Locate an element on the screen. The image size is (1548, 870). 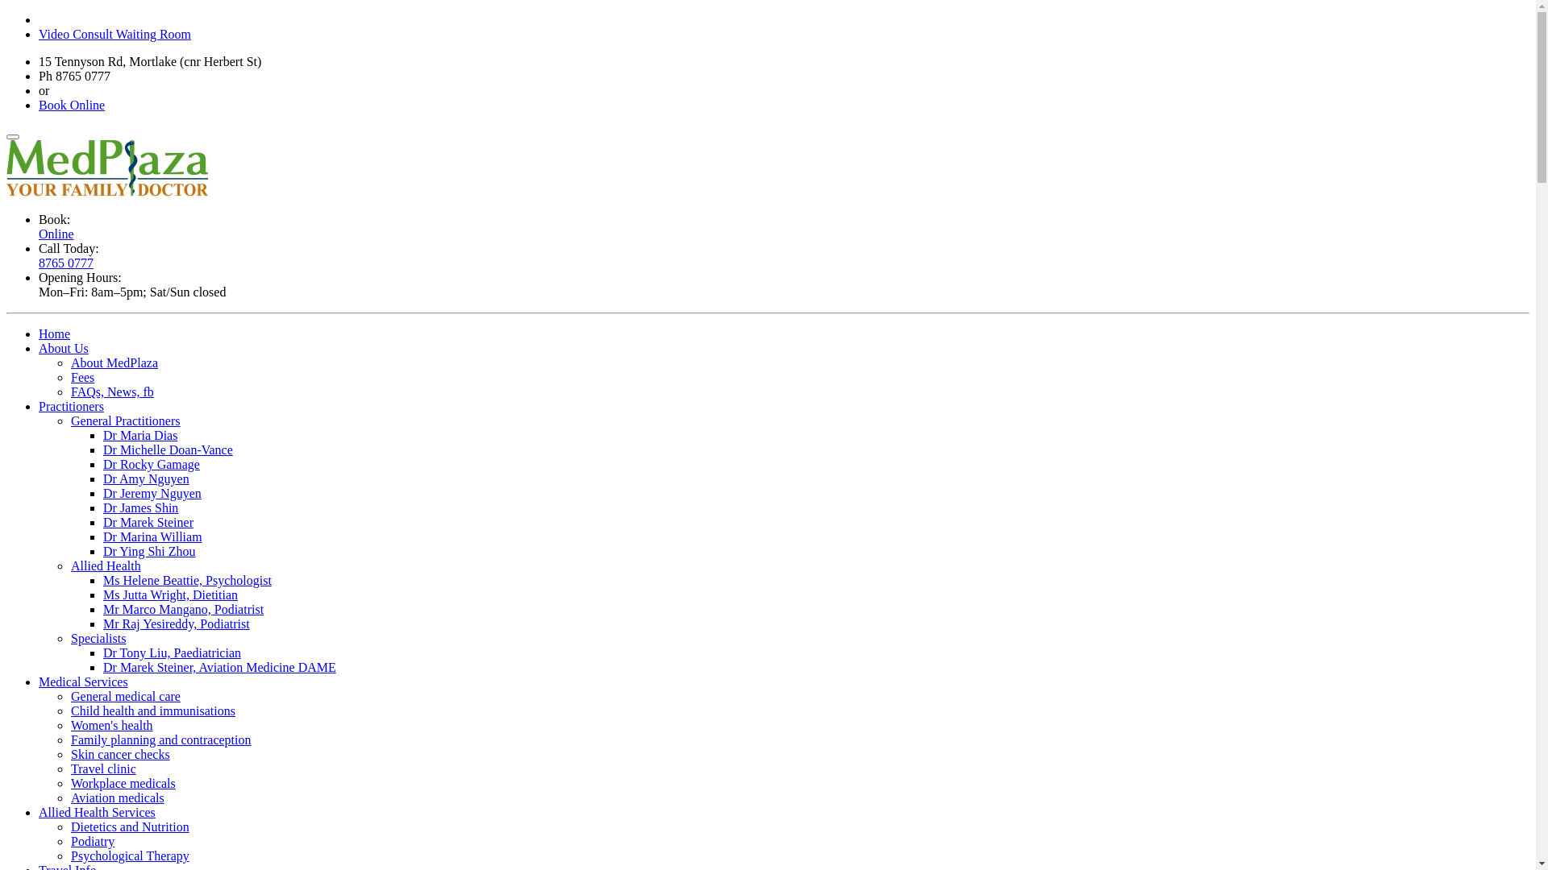
'Video Consult Waiting Room' is located at coordinates (114, 34).